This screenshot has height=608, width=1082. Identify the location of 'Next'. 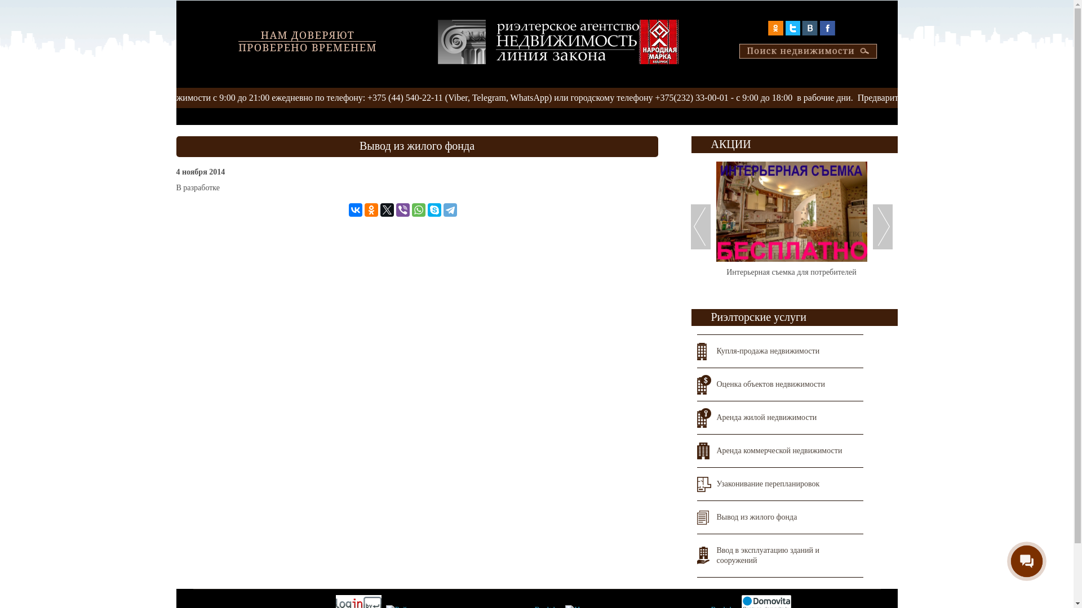
(881, 226).